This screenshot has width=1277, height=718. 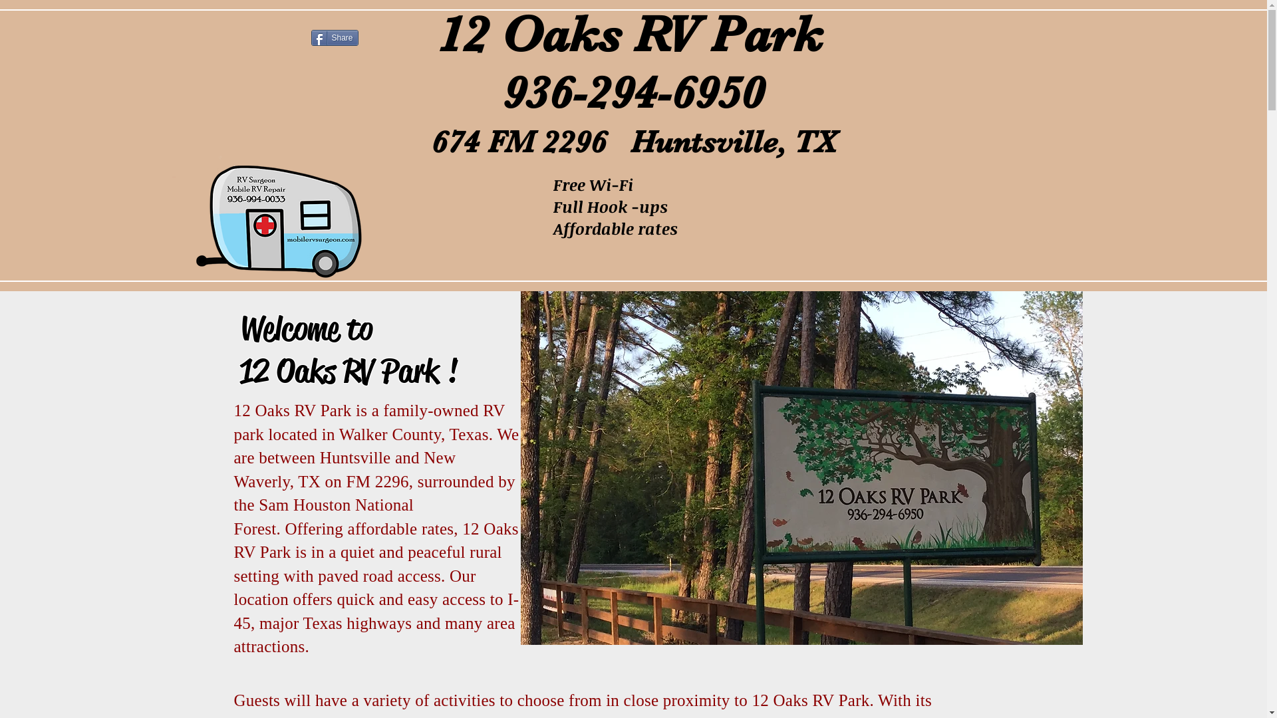 What do you see at coordinates (335, 37) in the screenshot?
I see `'Share'` at bounding box center [335, 37].